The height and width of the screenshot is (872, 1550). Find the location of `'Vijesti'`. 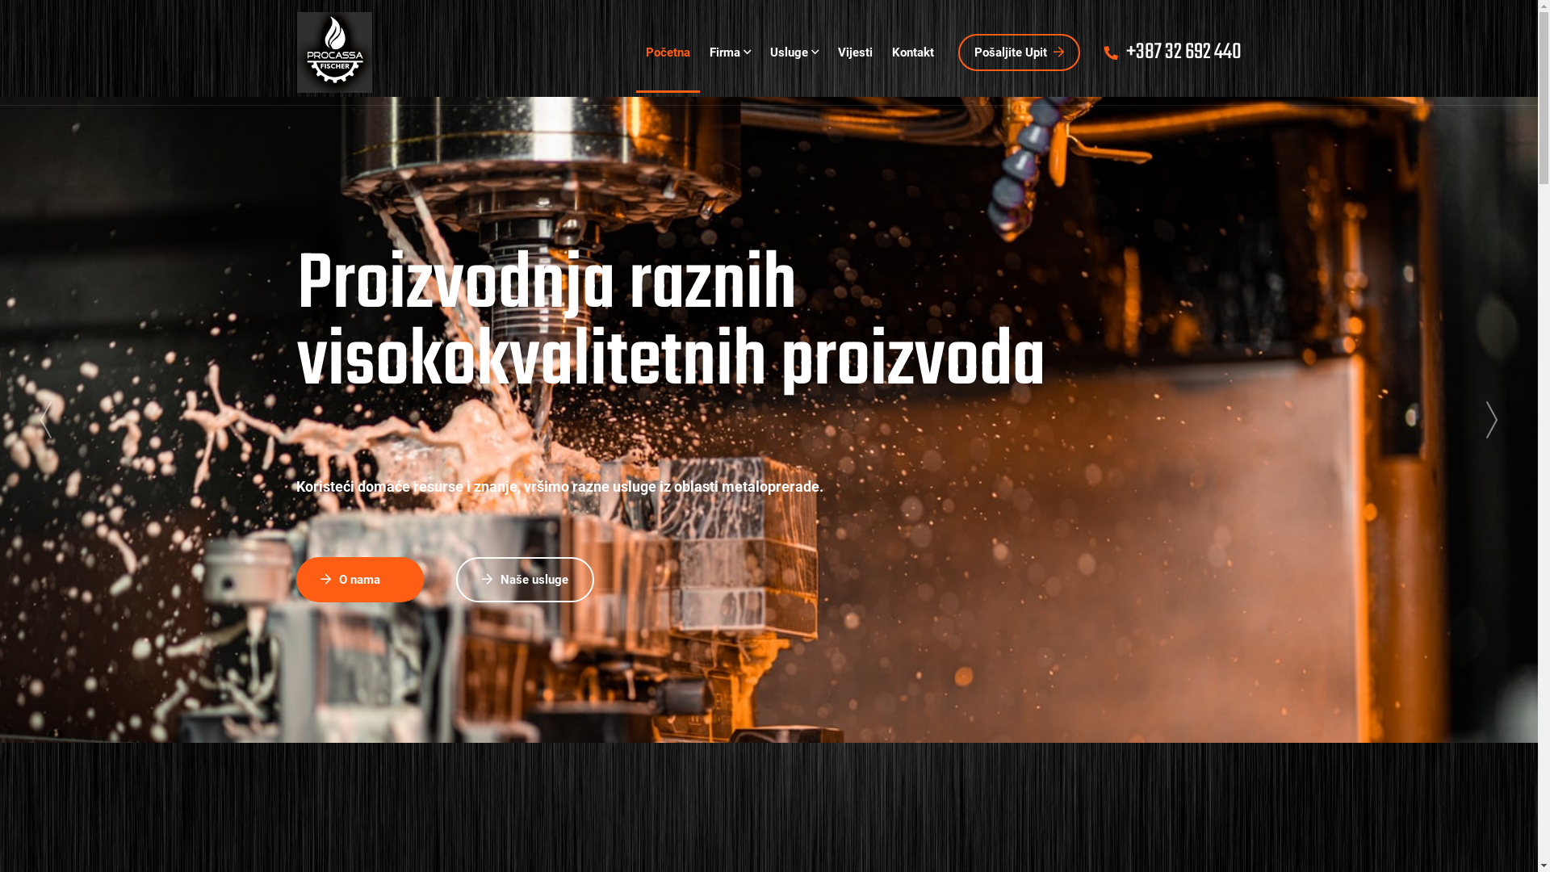

'Vijesti' is located at coordinates (828, 52).